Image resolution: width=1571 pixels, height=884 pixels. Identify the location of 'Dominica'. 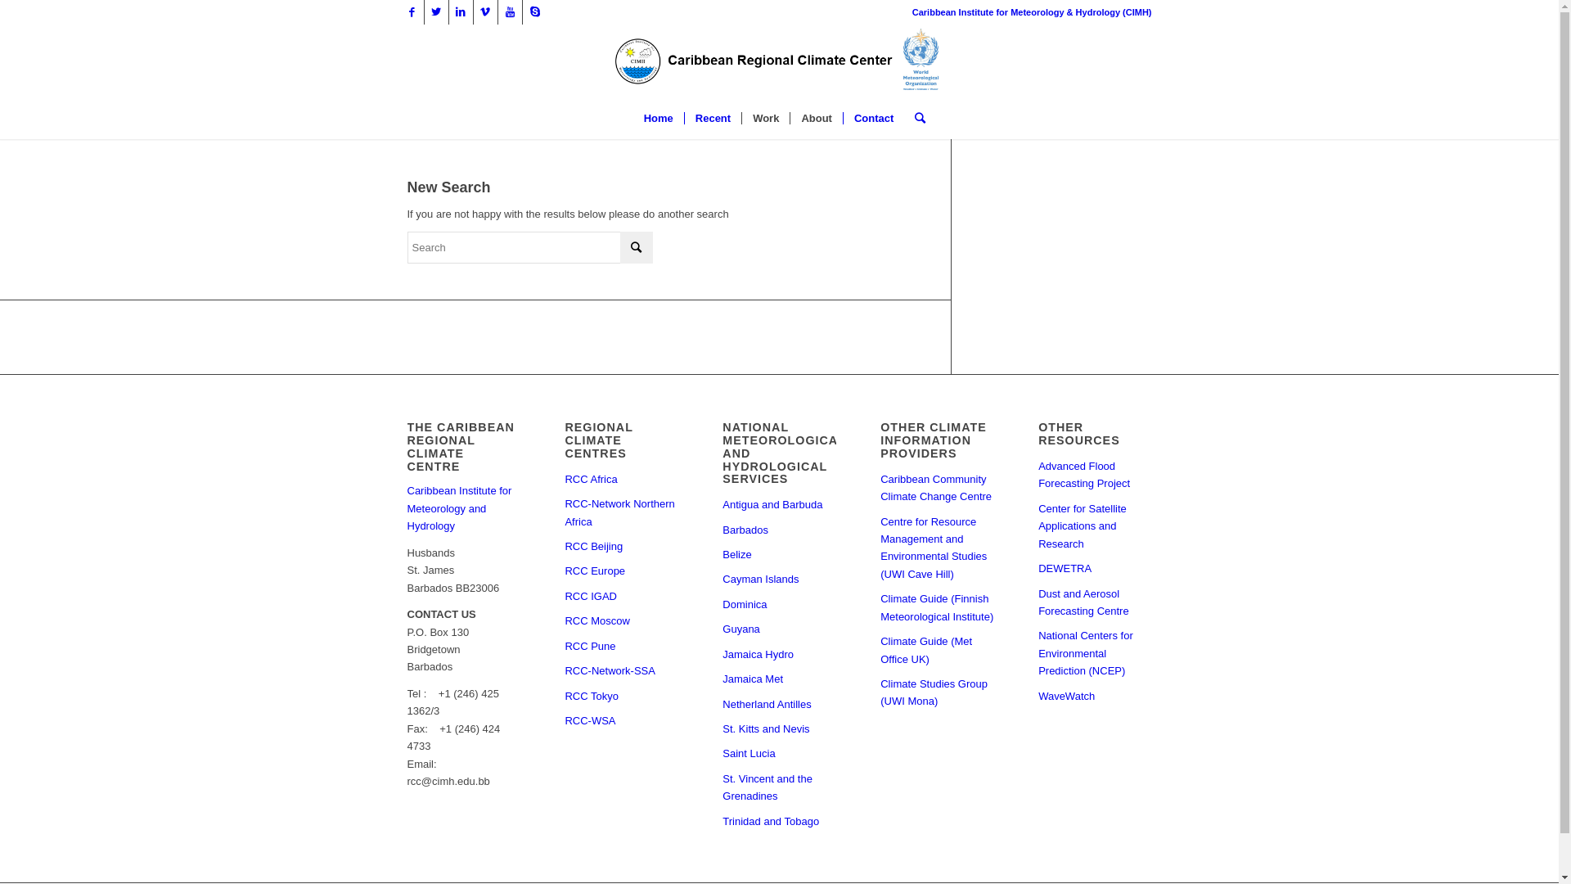
(777, 605).